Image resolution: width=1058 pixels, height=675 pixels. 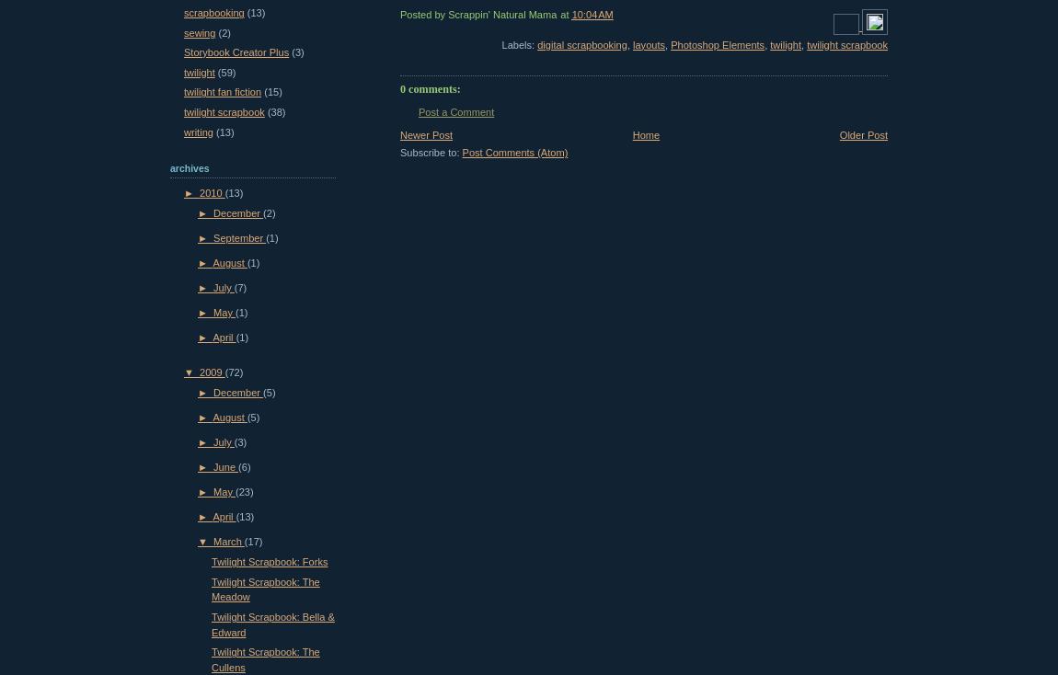 What do you see at coordinates (251, 542) in the screenshot?
I see `'(17)'` at bounding box center [251, 542].